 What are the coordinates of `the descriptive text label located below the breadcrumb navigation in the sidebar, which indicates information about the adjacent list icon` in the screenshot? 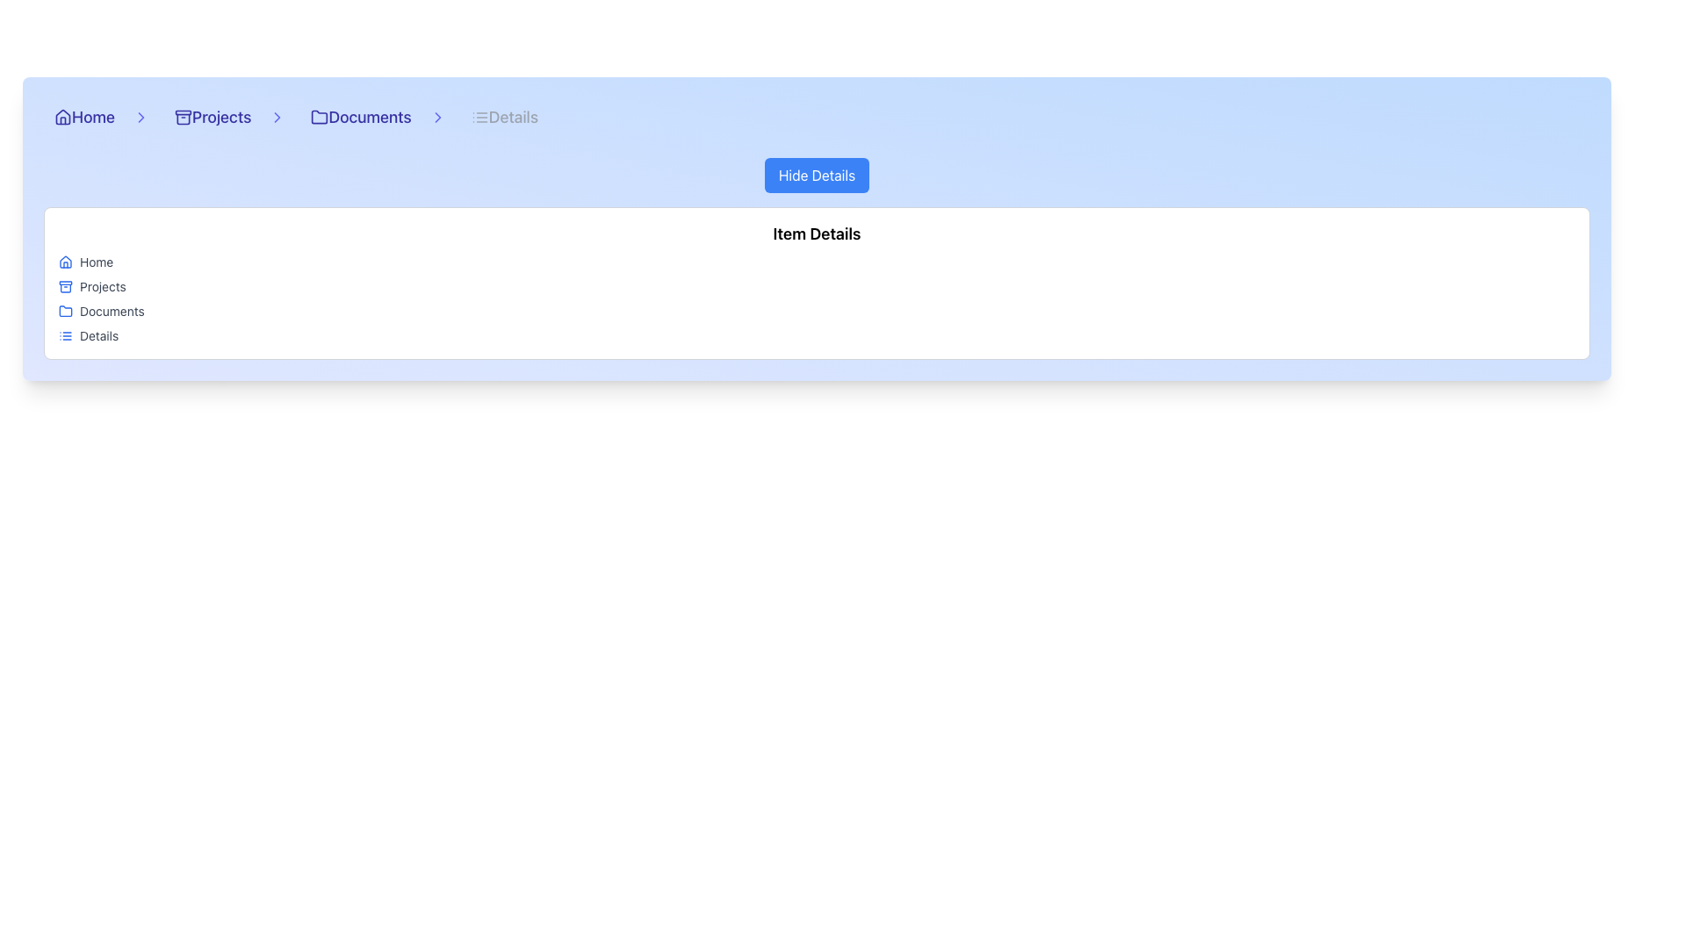 It's located at (98, 335).